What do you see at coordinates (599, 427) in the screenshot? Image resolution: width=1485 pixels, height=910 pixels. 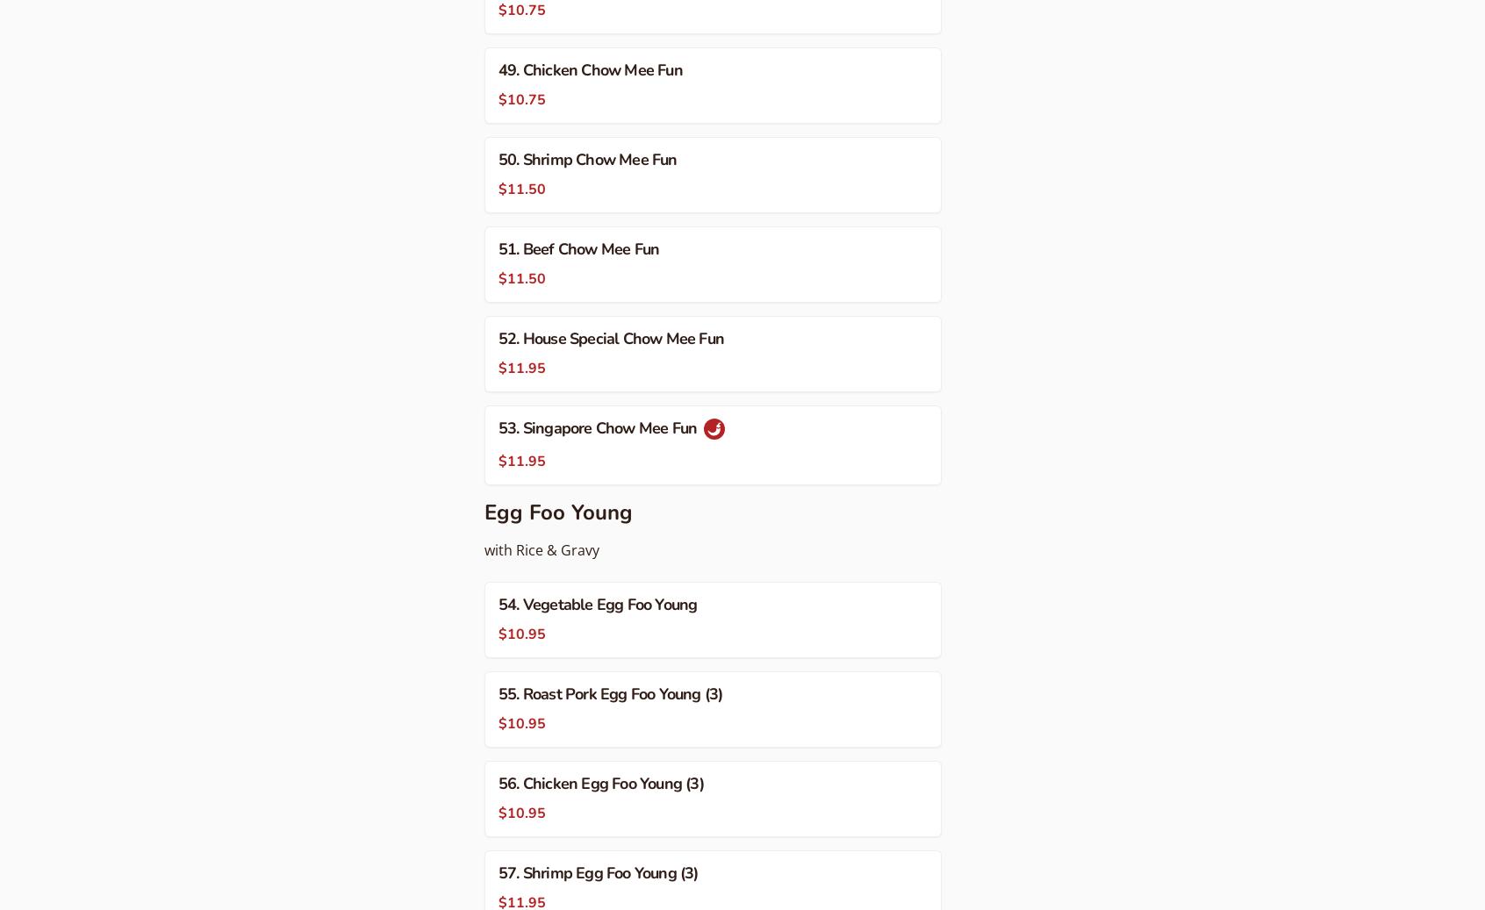 I see `'53. Singapore Chow Mee Fun'` at bounding box center [599, 427].